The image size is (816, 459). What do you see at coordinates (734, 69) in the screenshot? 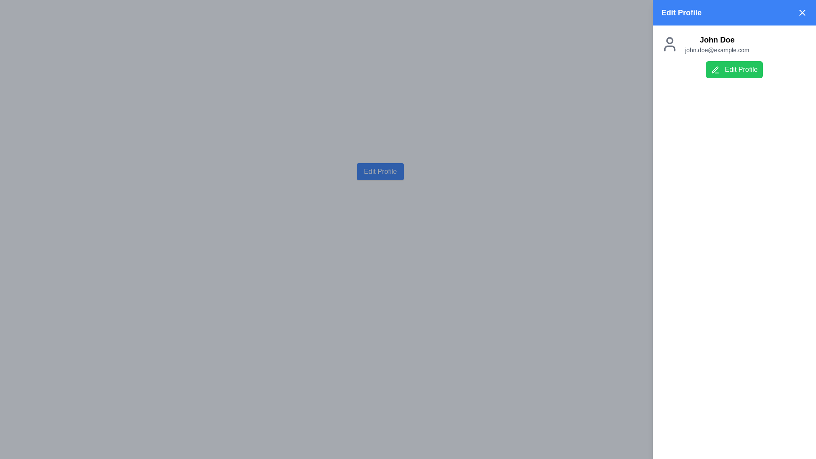
I see `the rectangular green button labeled 'Edit Profile' with a pencil icon` at bounding box center [734, 69].